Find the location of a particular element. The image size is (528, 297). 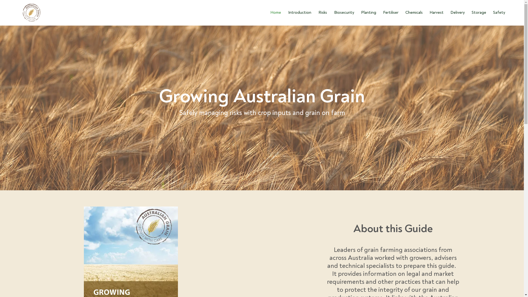

'Harvest' is located at coordinates (435, 12).